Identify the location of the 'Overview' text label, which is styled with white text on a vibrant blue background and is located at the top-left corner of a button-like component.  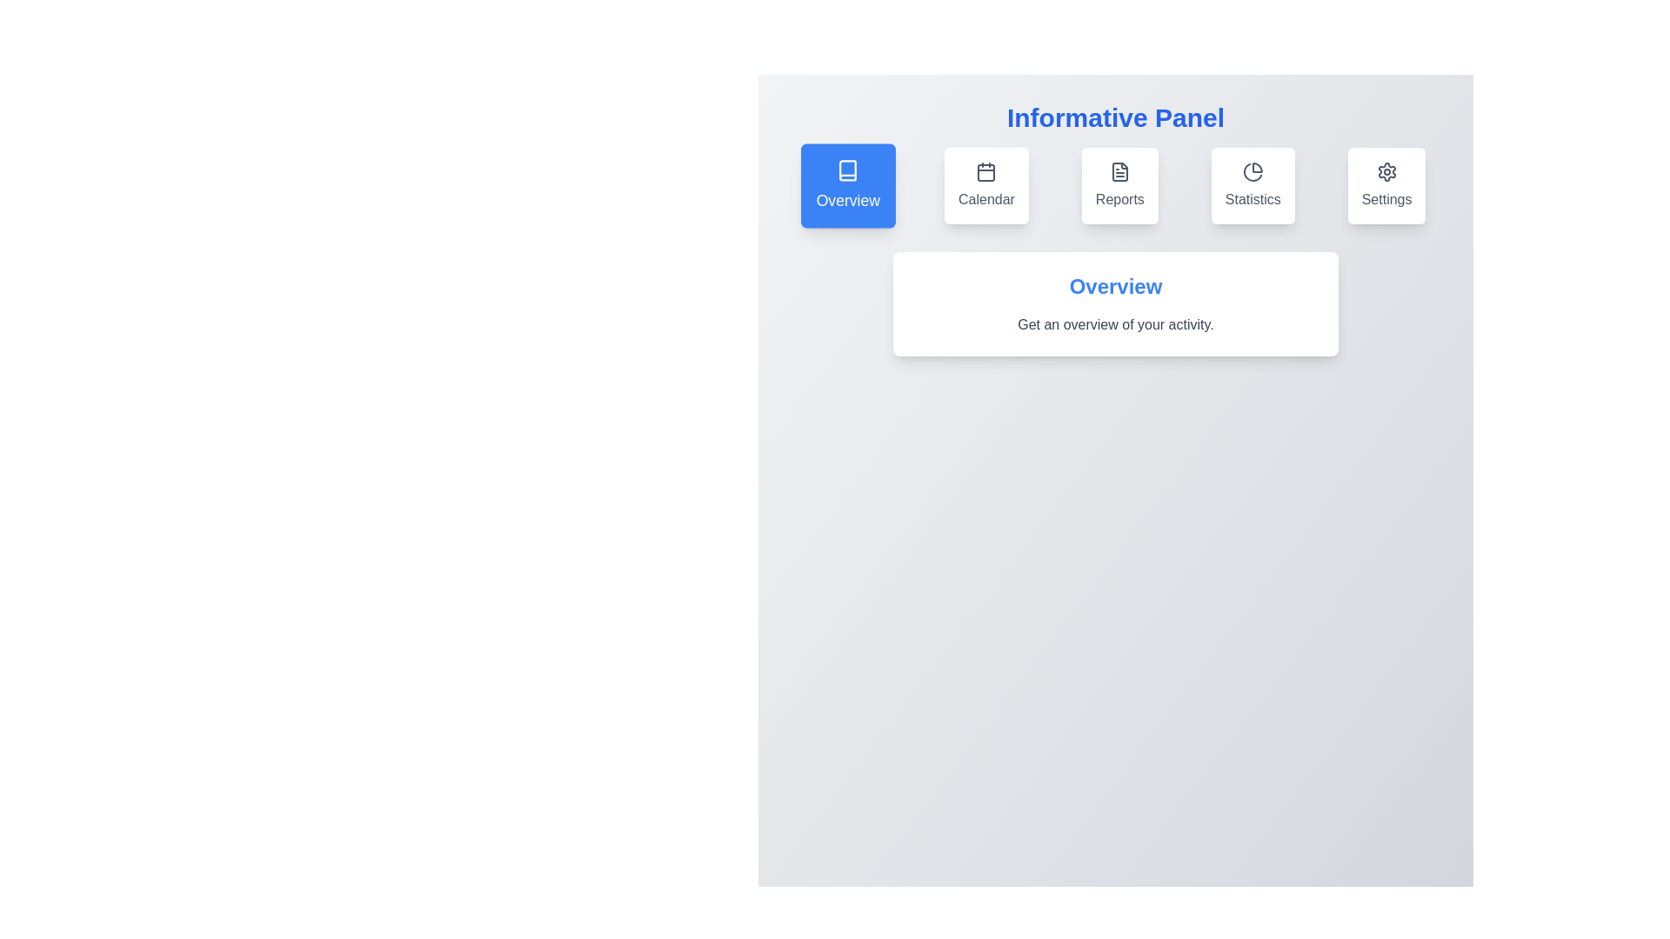
(848, 200).